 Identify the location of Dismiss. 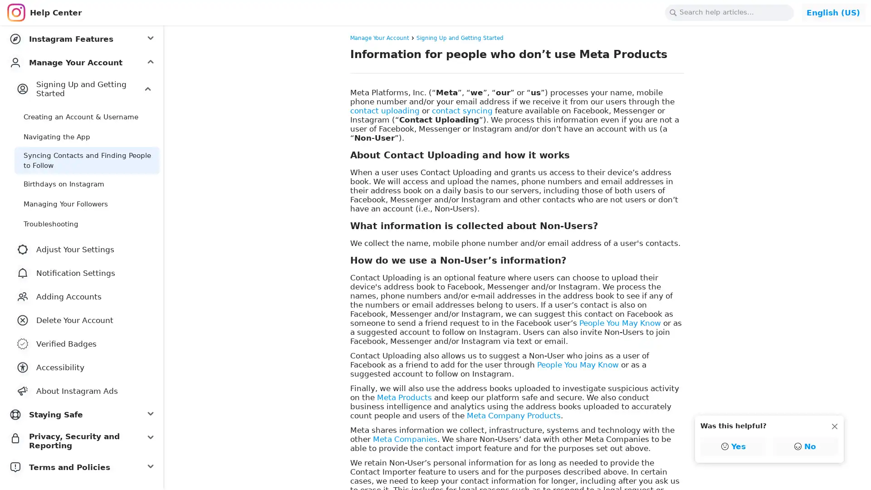
(834, 426).